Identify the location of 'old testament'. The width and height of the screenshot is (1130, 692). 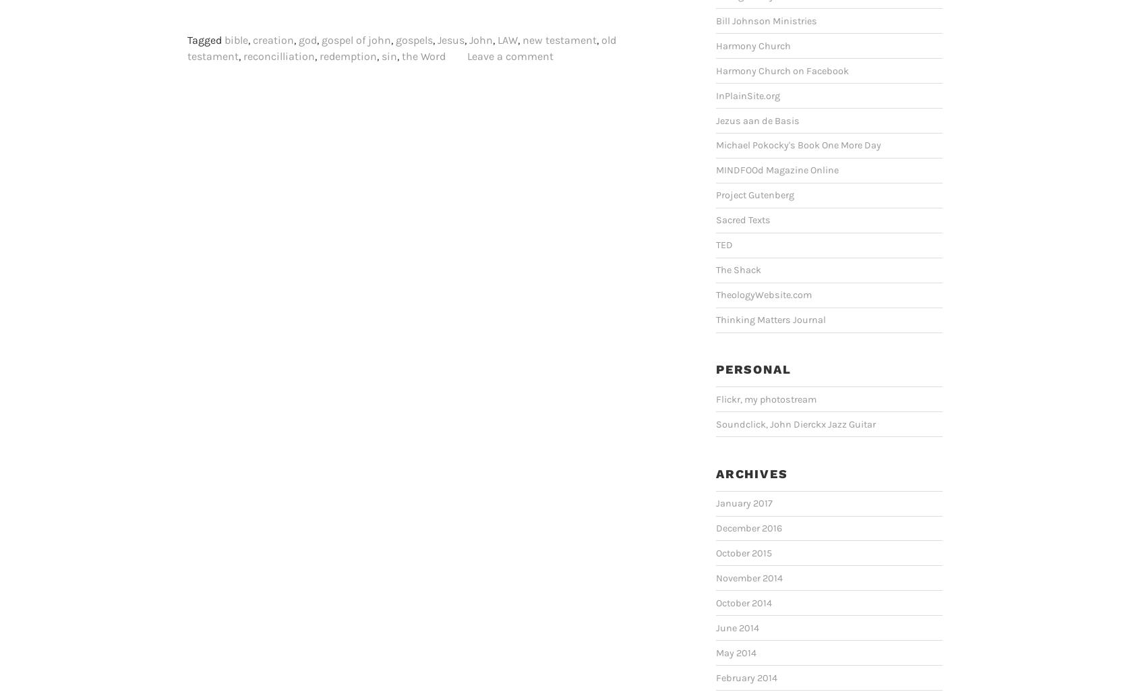
(401, 47).